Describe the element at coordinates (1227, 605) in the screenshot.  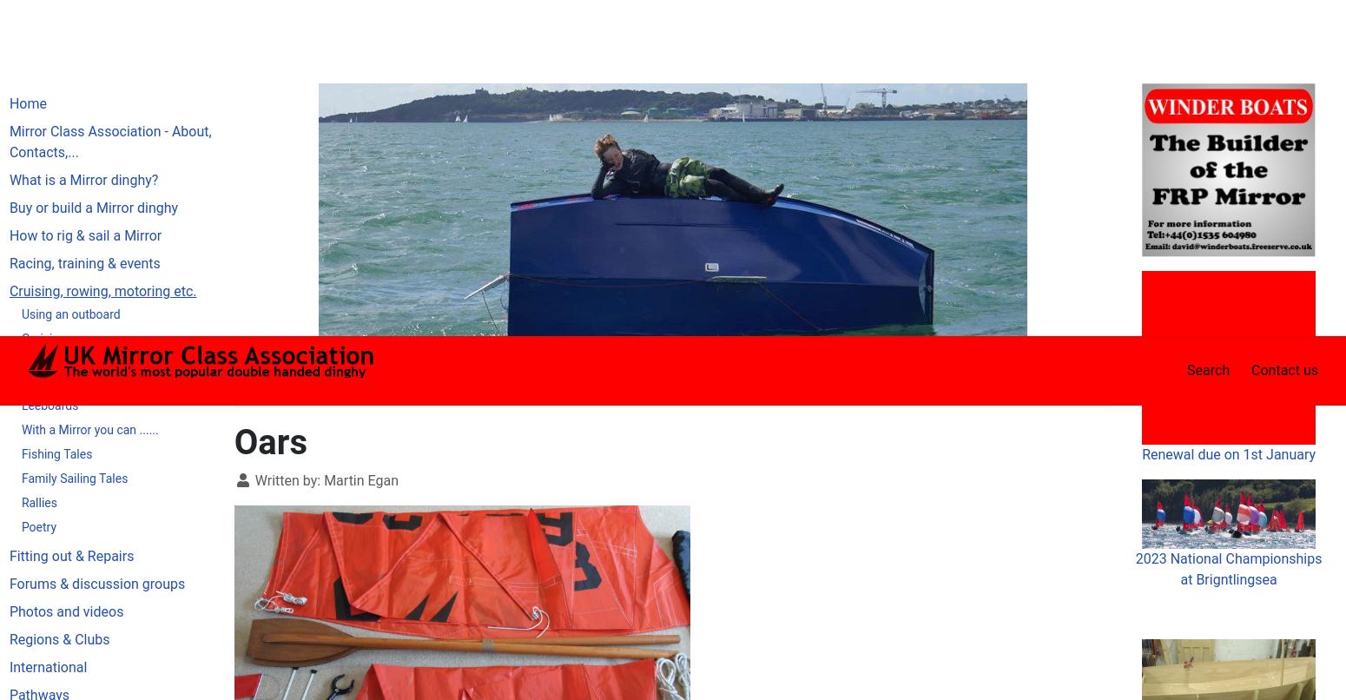
I see `'View 2024 Calendar'` at that location.